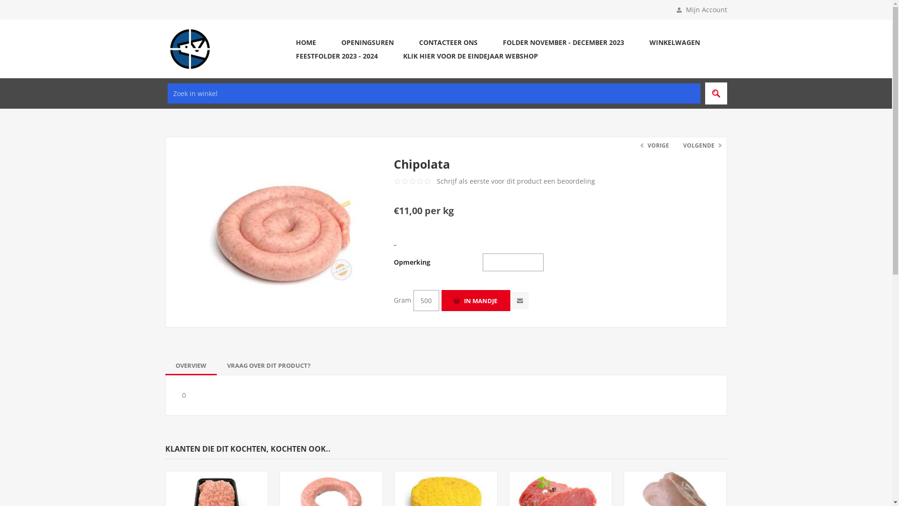 Image resolution: width=899 pixels, height=506 pixels. Describe the element at coordinates (674, 42) in the screenshot. I see `'WINKELWAGEN'` at that location.